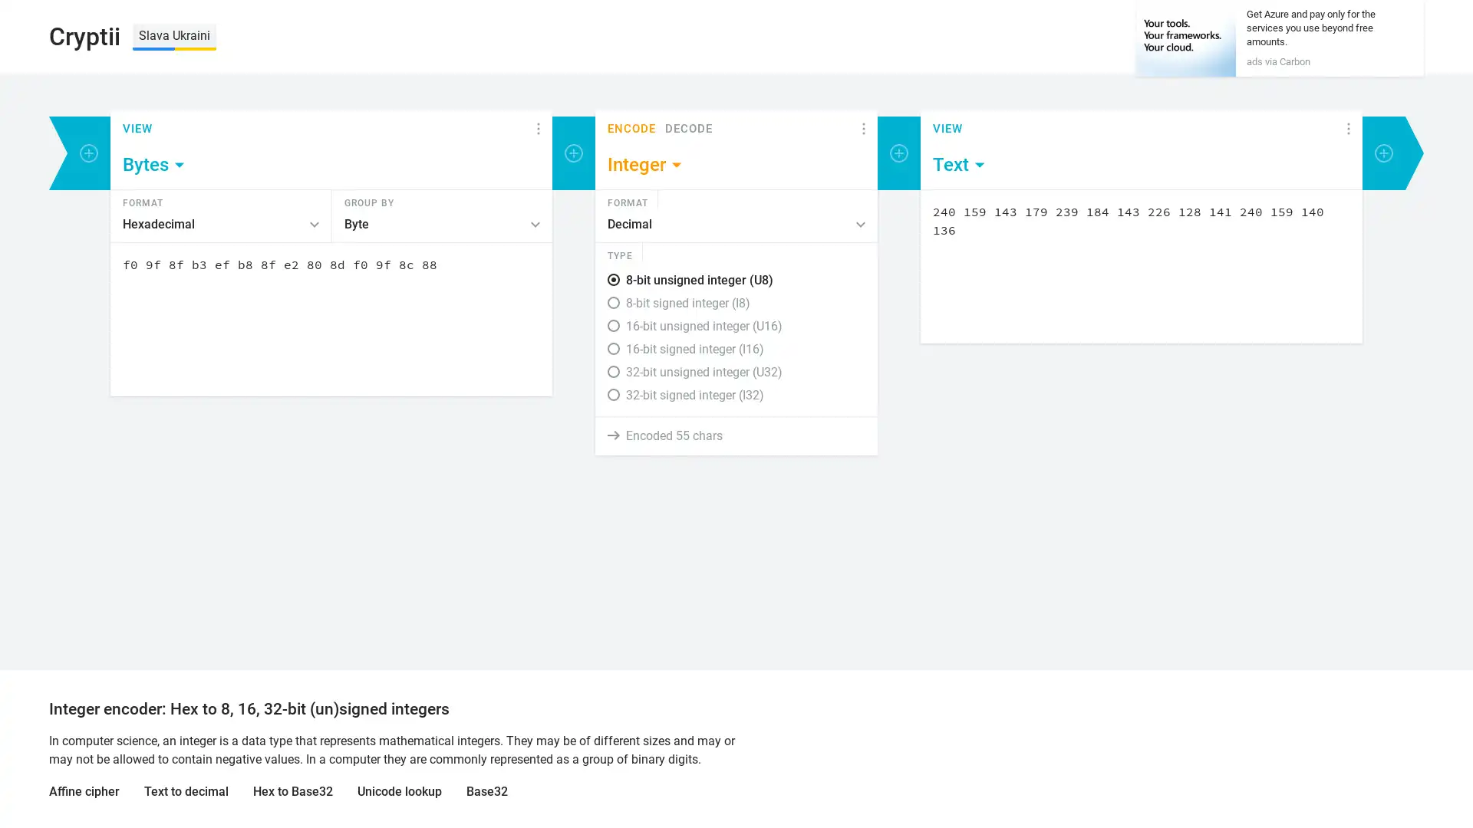  Describe the element at coordinates (645, 165) in the screenshot. I see `Integer` at that location.